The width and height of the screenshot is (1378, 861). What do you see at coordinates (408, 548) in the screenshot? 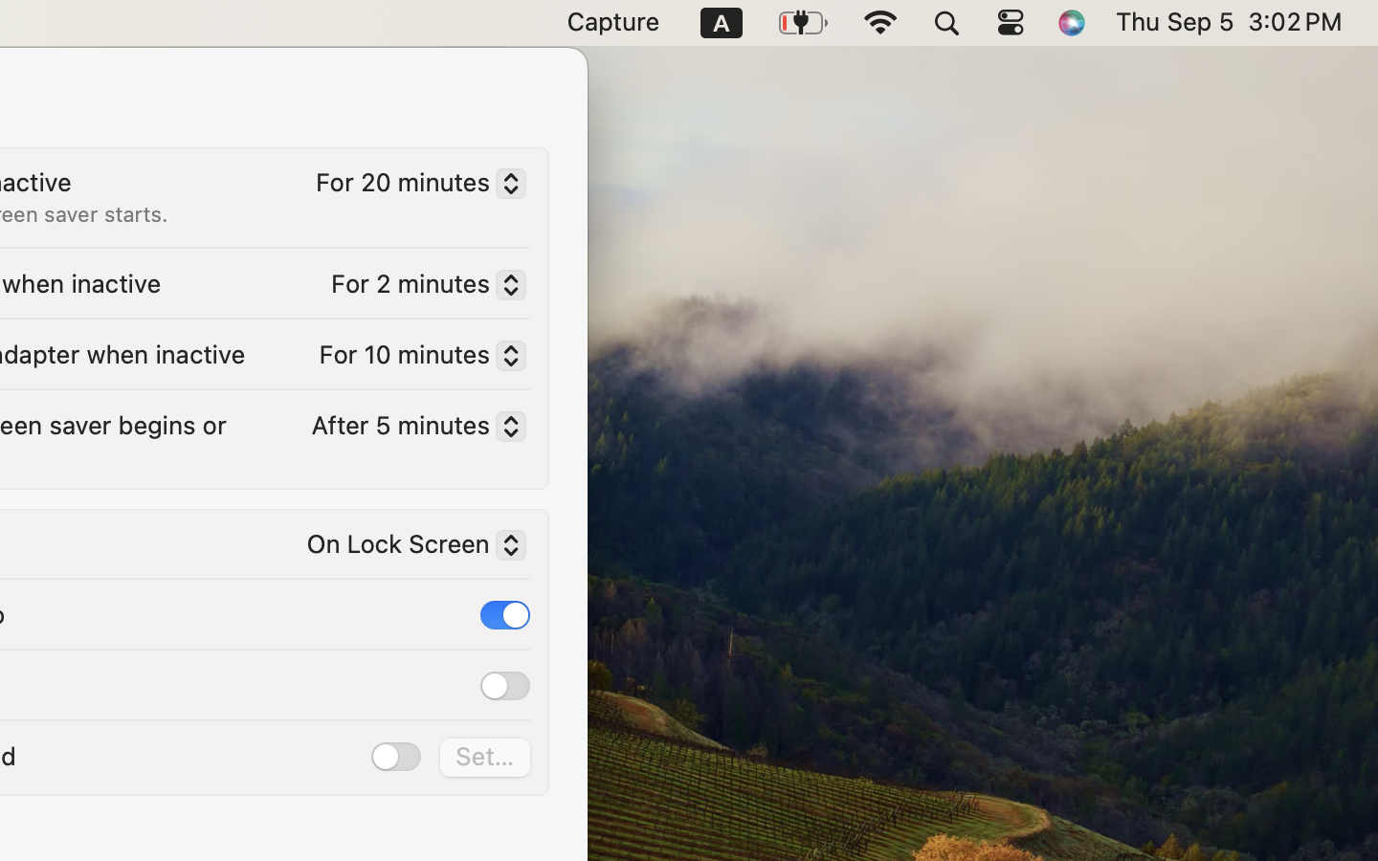
I see `'On Lock Screen'` at bounding box center [408, 548].